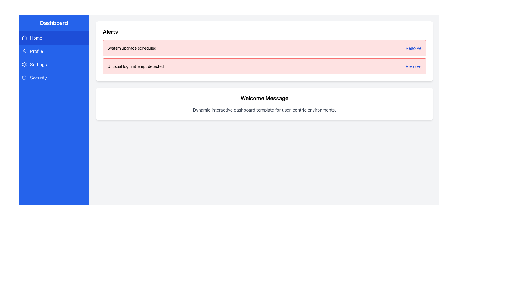 The width and height of the screenshot is (532, 299). I want to click on the navigation button labeled 'Home' located at the top of the vertical list in the sidebar to trigger a hover effect, so click(54, 38).